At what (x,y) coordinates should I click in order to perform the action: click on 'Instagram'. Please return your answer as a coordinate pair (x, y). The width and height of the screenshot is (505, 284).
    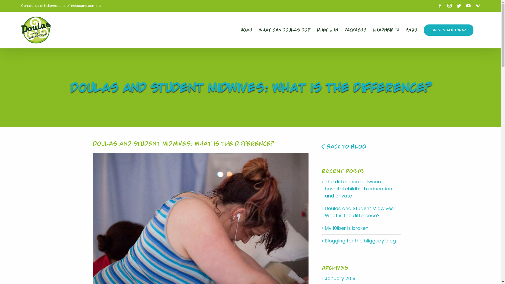
    Looking at the image, I should click on (449, 6).